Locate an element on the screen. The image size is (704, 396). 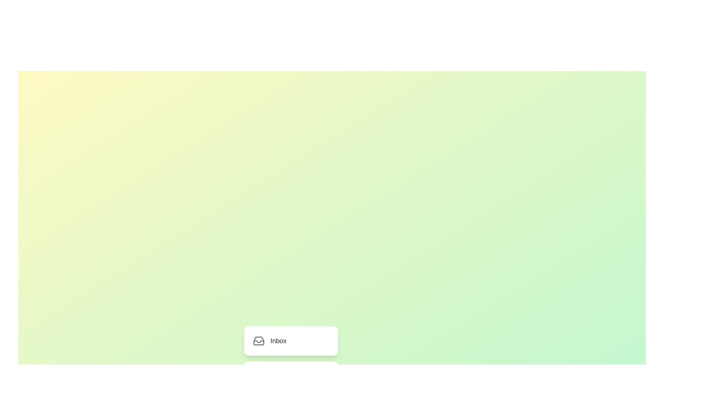
the menu item labeled Inbox is located at coordinates (290, 341).